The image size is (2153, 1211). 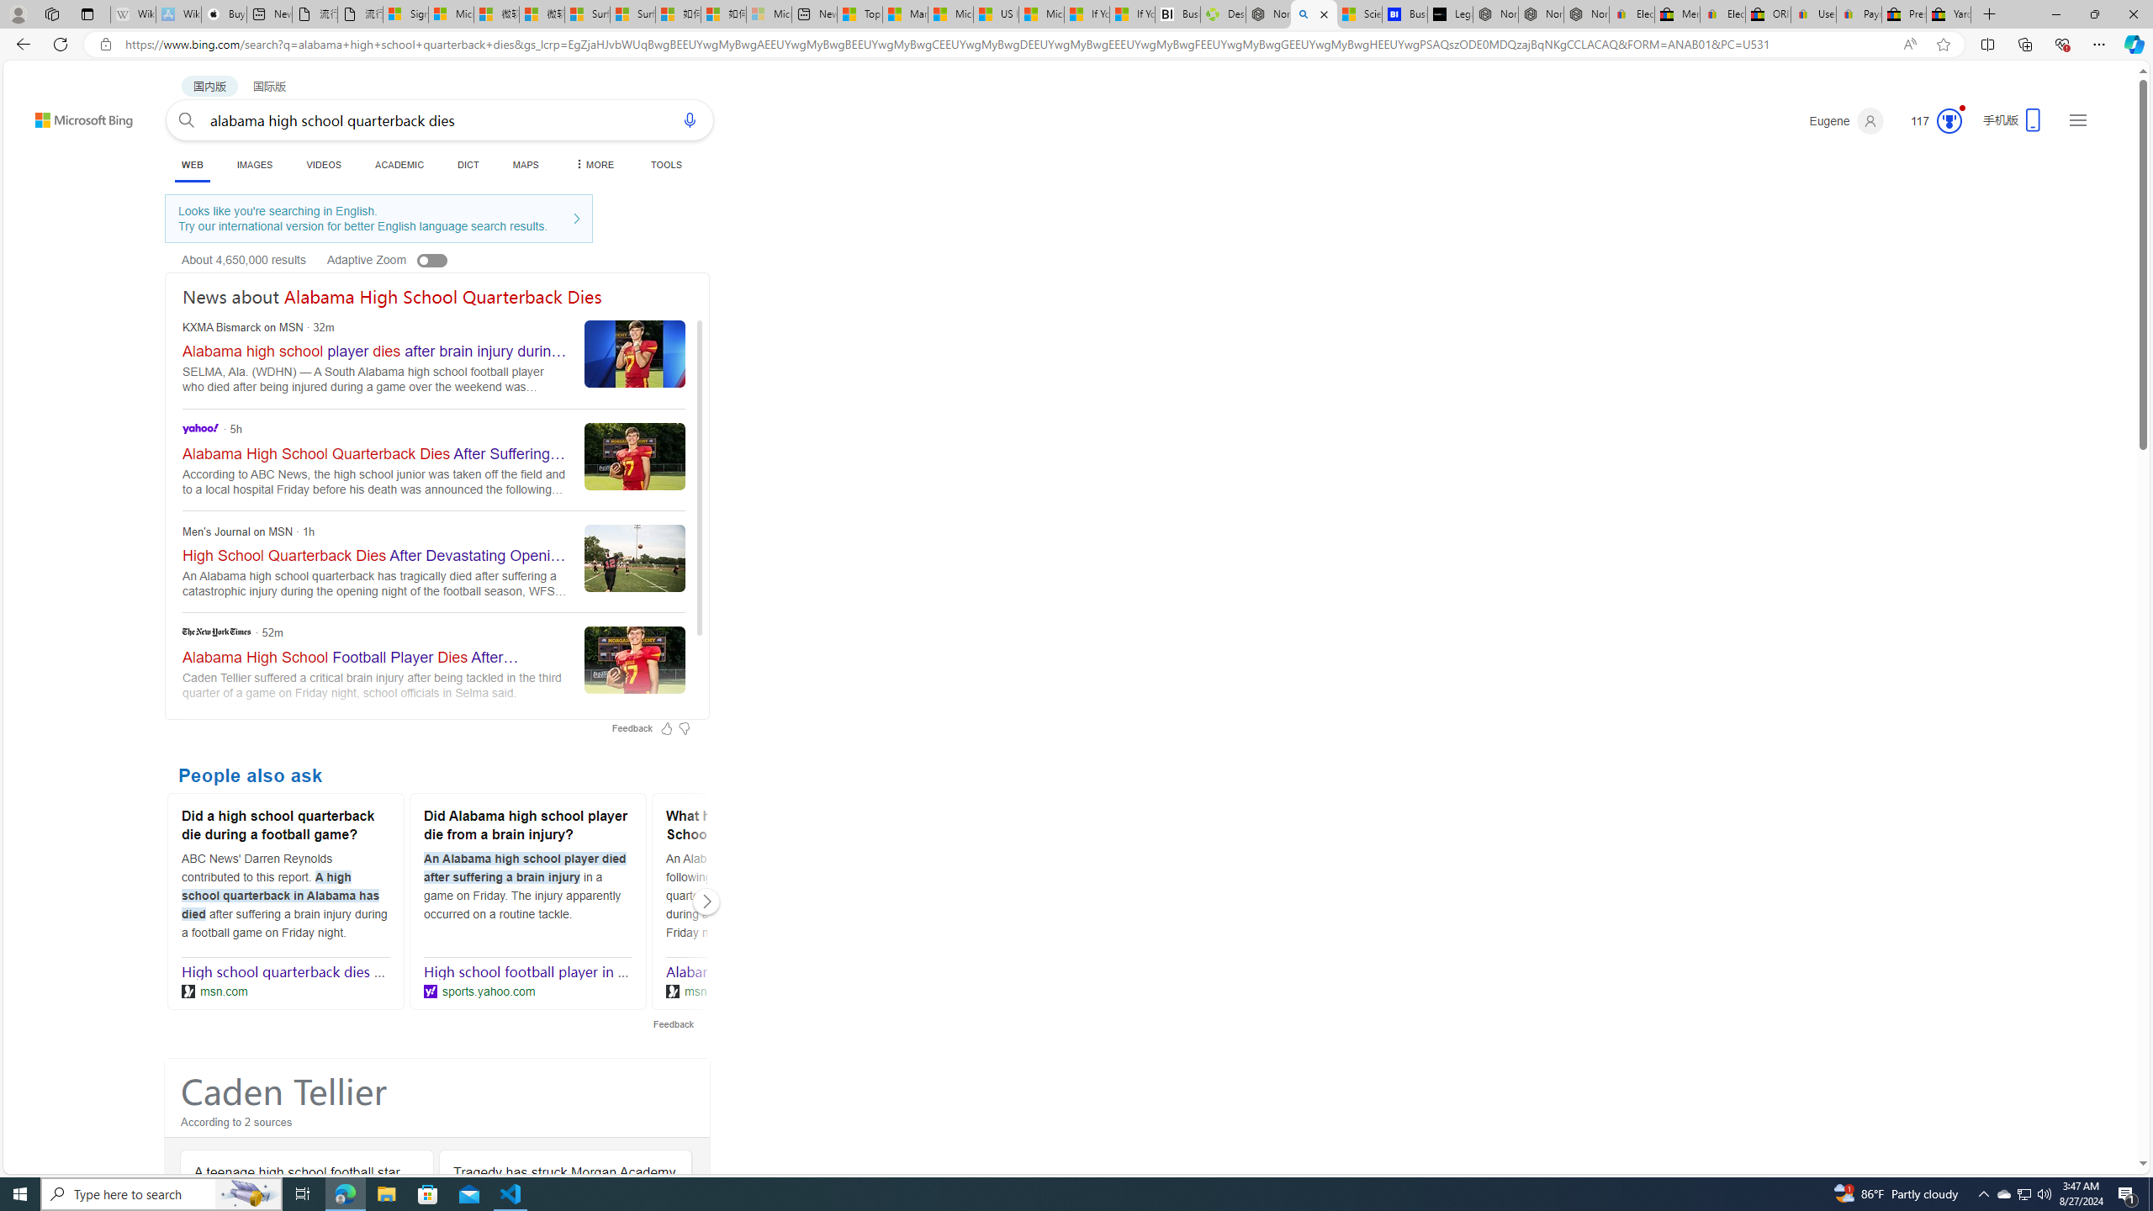 I want to click on 'MORE', so click(x=592, y=164).